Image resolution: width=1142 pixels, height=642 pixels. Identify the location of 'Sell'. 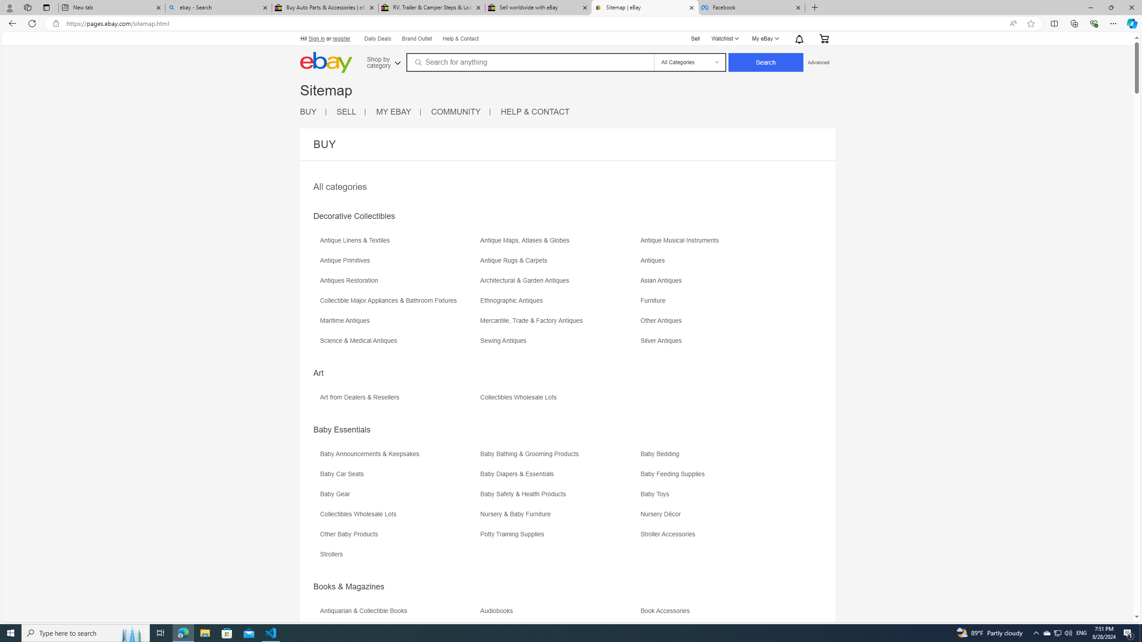
(696, 38).